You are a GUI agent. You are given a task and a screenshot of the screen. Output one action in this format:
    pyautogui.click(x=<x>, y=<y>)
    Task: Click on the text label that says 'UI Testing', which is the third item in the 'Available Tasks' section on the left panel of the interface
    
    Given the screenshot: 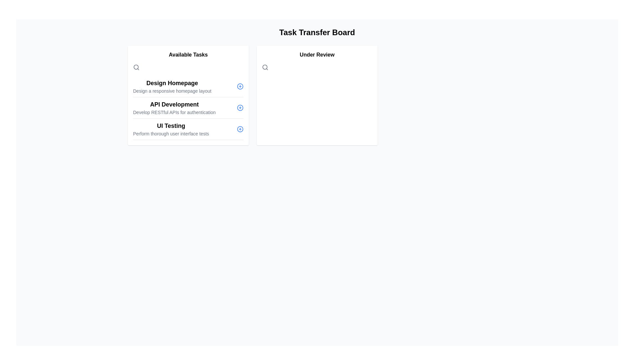 What is the action you would take?
    pyautogui.click(x=171, y=126)
    